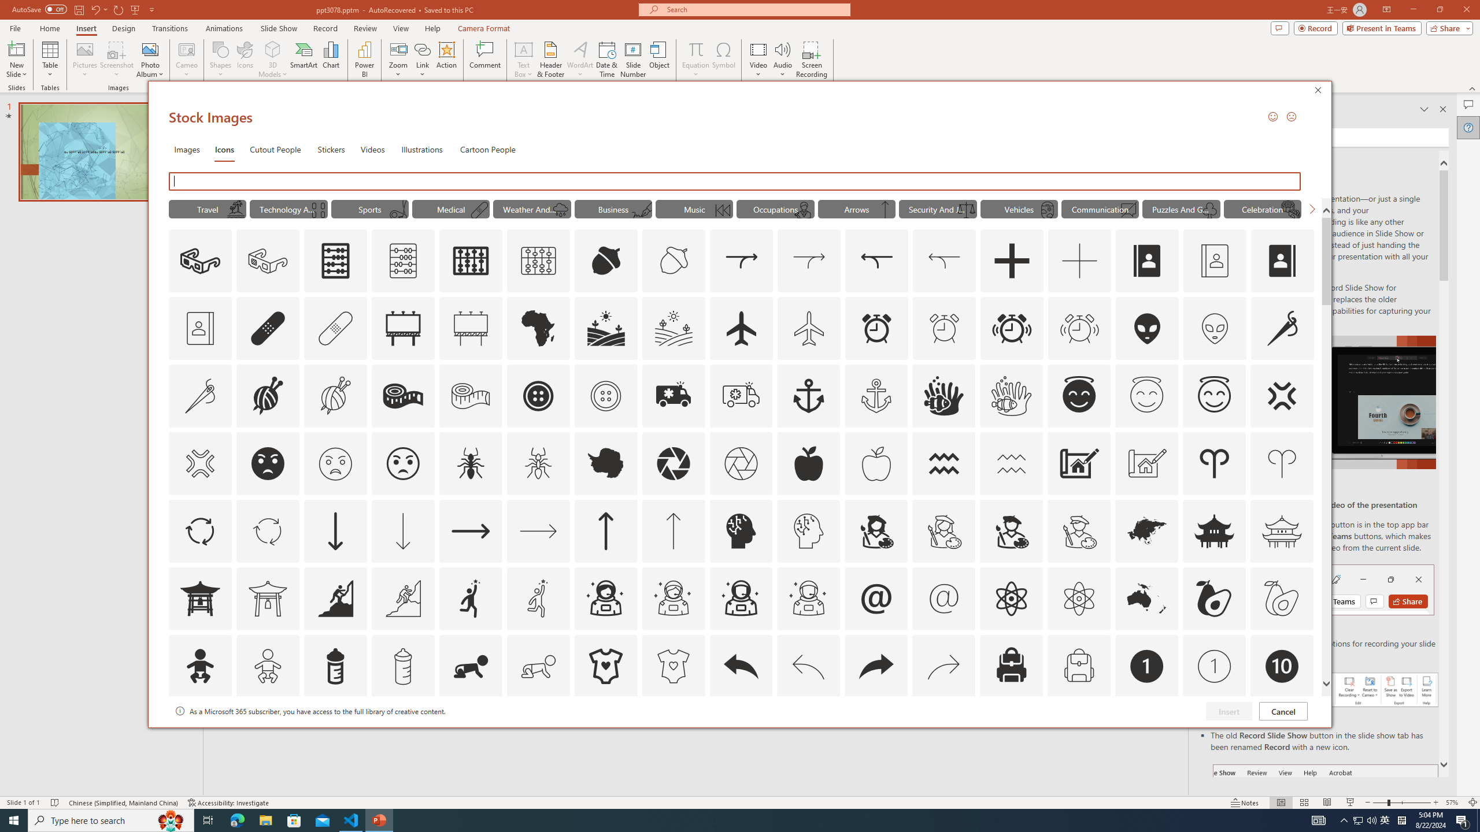 This screenshot has height=832, width=1480. I want to click on 'AutomationID: Icons_Back_LTR', so click(741, 666).